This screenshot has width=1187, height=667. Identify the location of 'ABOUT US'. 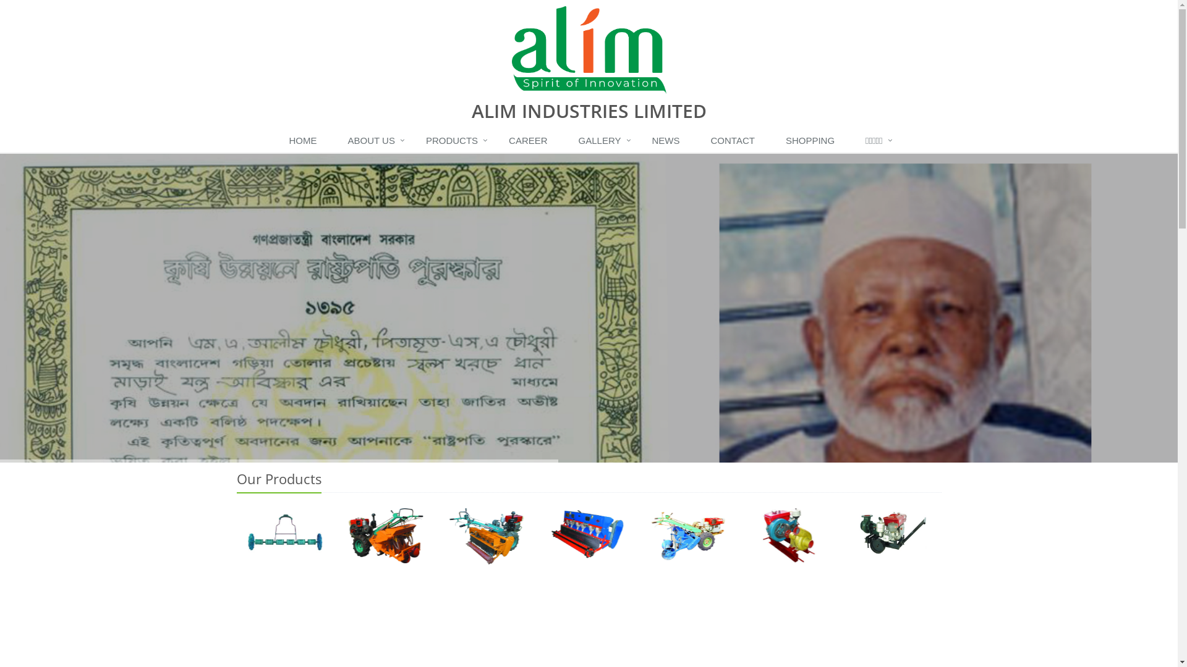
(373, 140).